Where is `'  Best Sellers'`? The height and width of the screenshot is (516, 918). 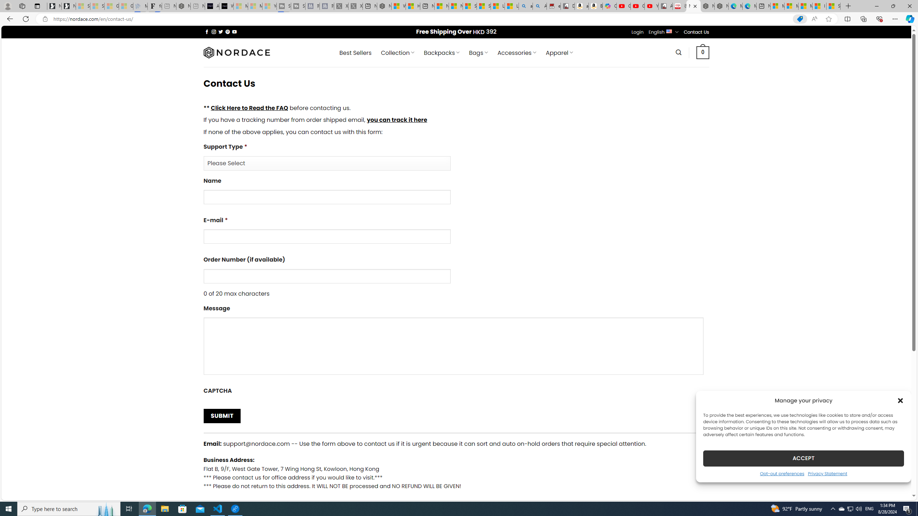 '  Best Sellers' is located at coordinates (355, 52).